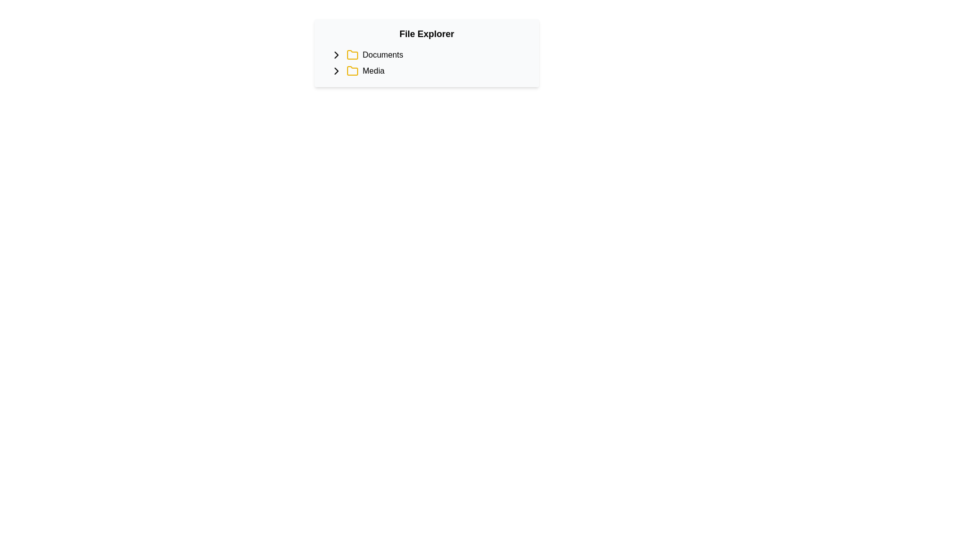 Image resolution: width=963 pixels, height=541 pixels. What do you see at coordinates (352, 55) in the screenshot?
I see `the first folder icon representing a directory` at bounding box center [352, 55].